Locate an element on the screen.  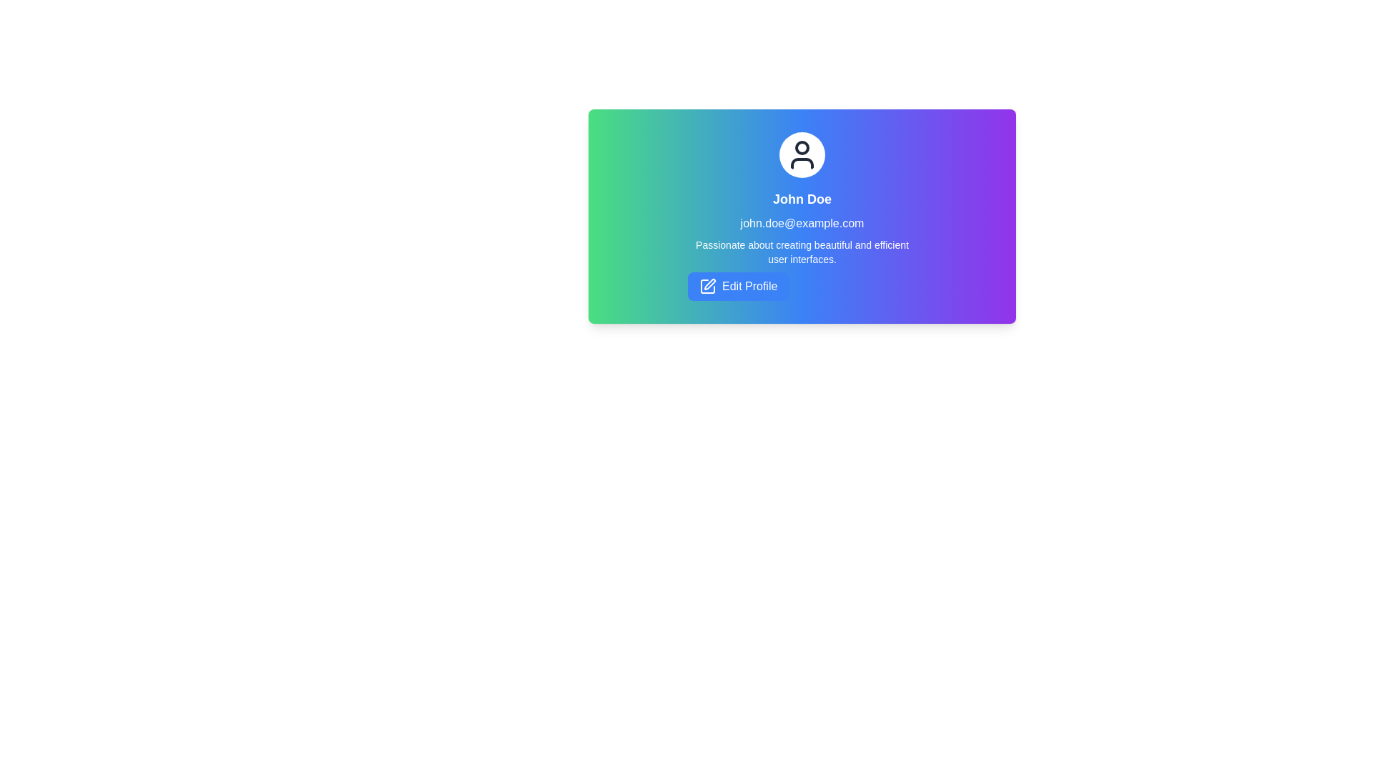
the circular button icon adjacent to the 'Edit Profile' text, which serves as a visual cue for editing user details is located at coordinates (707, 287).